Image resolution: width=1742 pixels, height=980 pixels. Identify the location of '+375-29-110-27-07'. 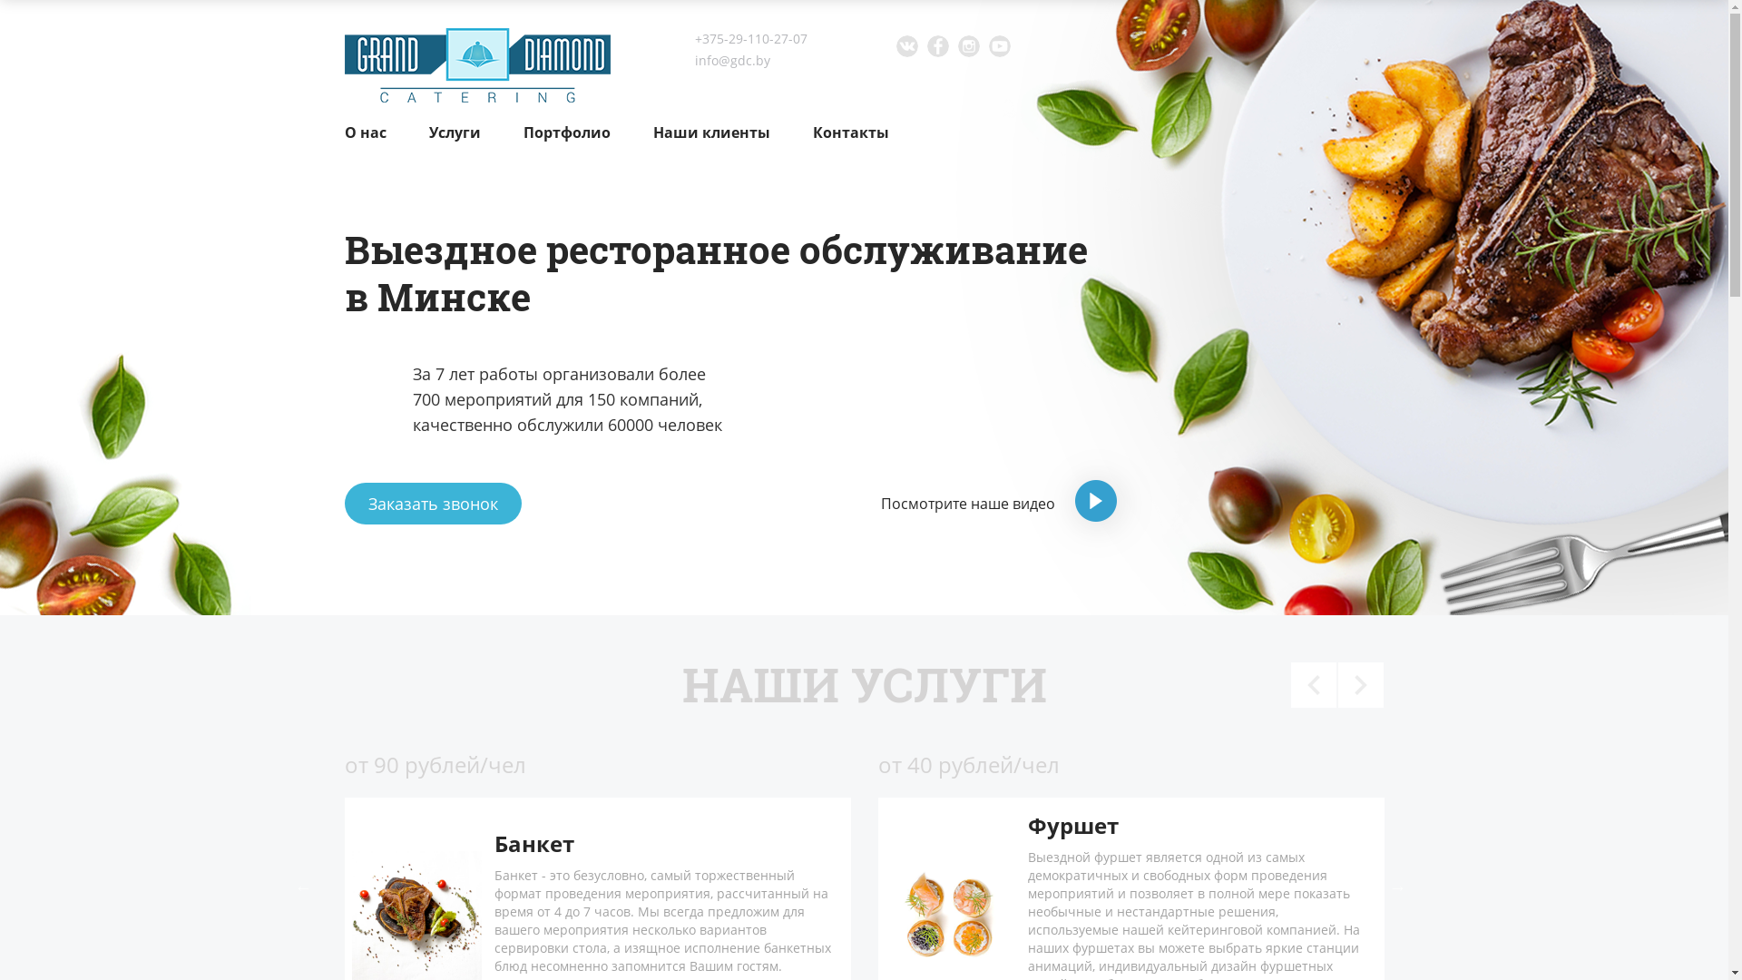
(694, 38).